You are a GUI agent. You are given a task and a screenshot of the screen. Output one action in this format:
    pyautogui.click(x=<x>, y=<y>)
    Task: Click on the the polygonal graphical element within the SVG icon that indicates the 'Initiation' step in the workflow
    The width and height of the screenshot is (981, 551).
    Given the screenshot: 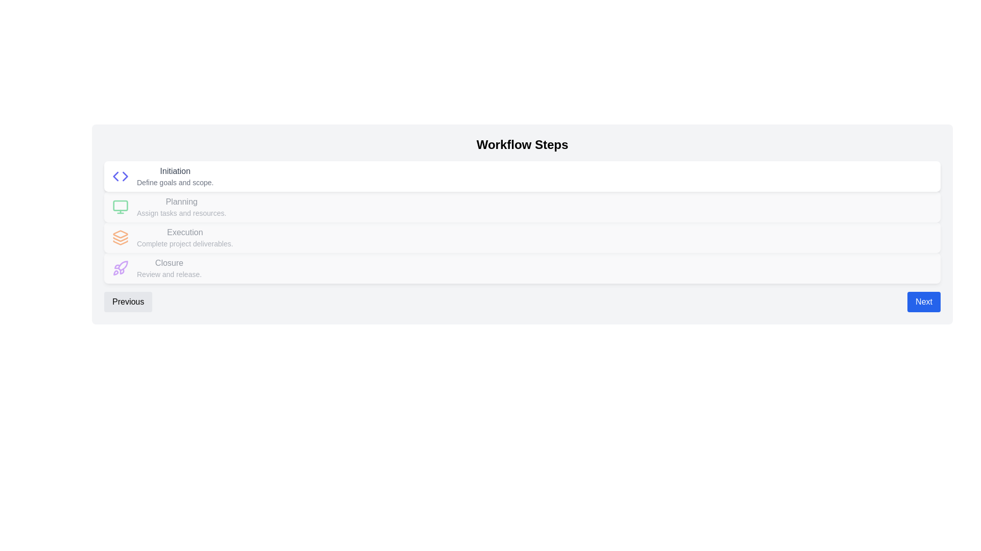 What is the action you would take?
    pyautogui.click(x=115, y=176)
    